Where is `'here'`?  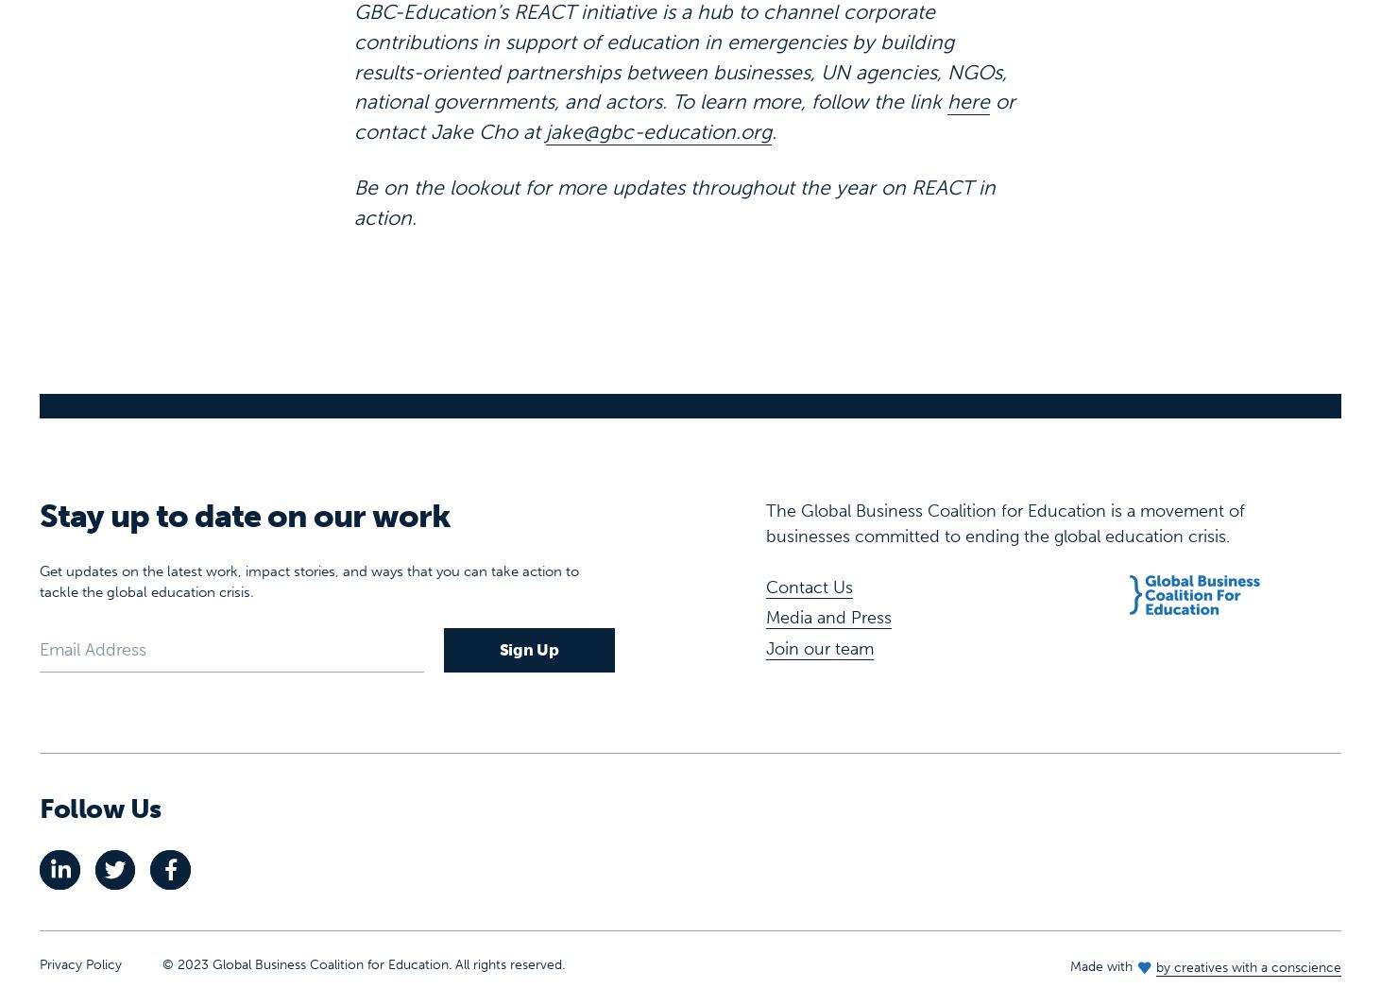 'here' is located at coordinates (967, 42).